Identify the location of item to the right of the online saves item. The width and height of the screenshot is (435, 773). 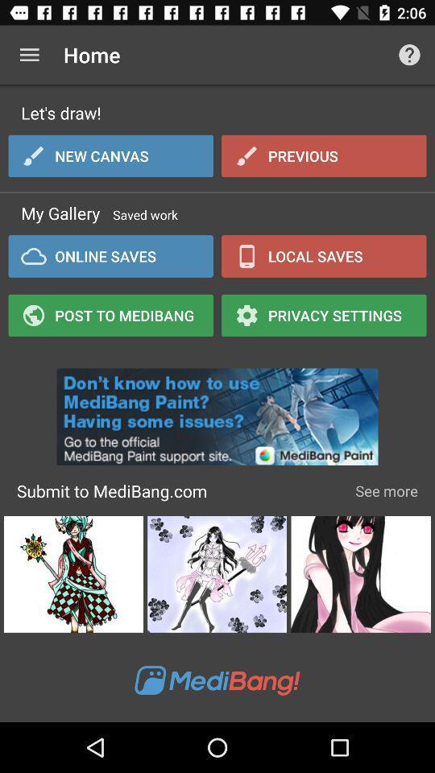
(324, 256).